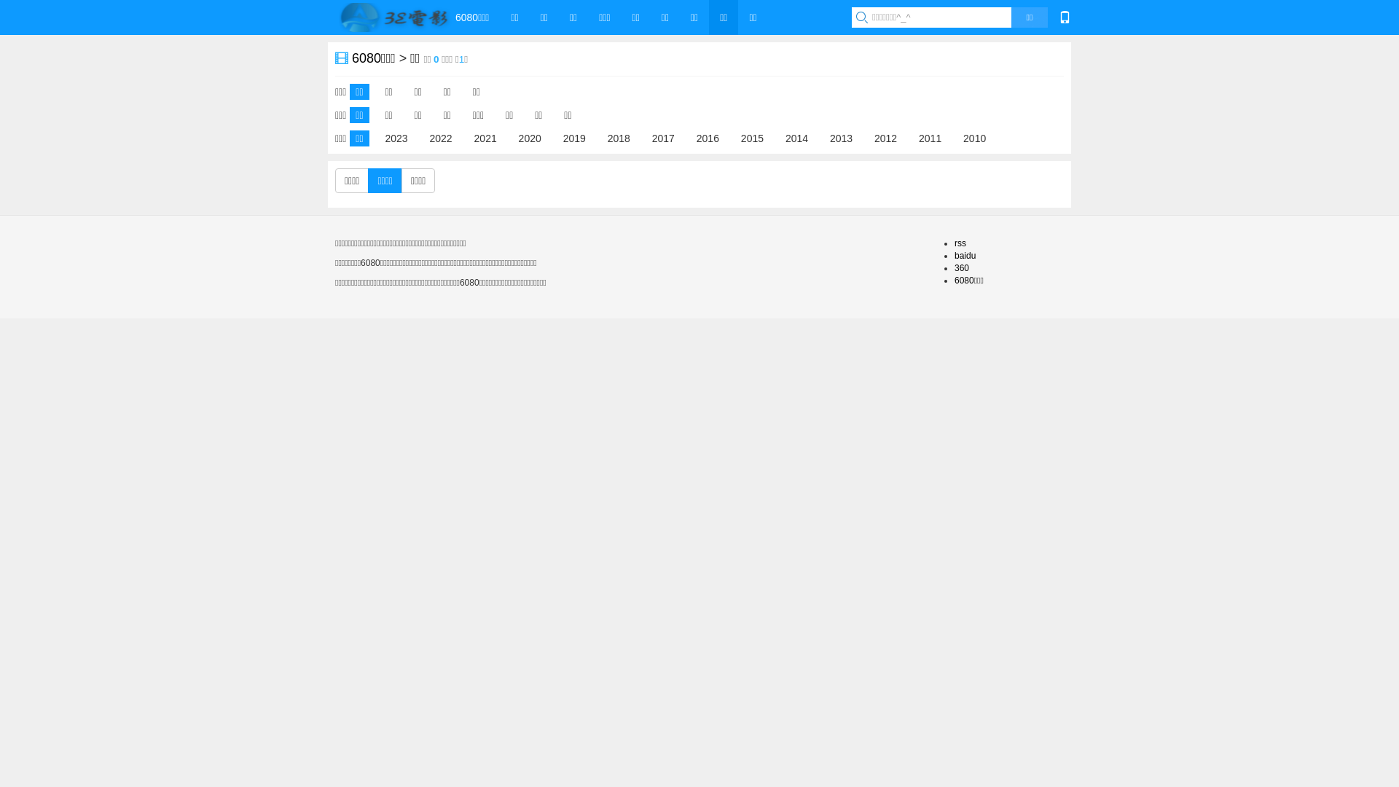 The width and height of the screenshot is (1399, 787). Describe the element at coordinates (965, 255) in the screenshot. I see `'baidu'` at that location.